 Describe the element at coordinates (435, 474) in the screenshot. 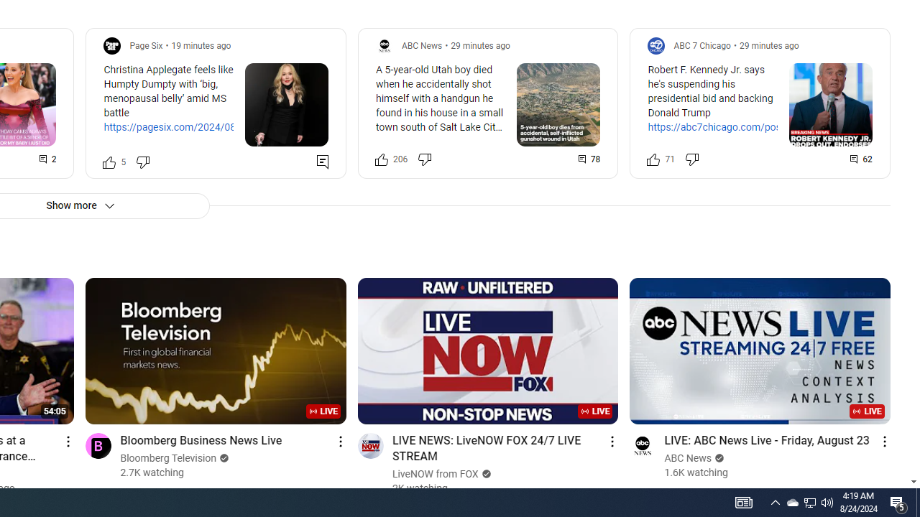

I see `'LiveNOW from FOX'` at that location.